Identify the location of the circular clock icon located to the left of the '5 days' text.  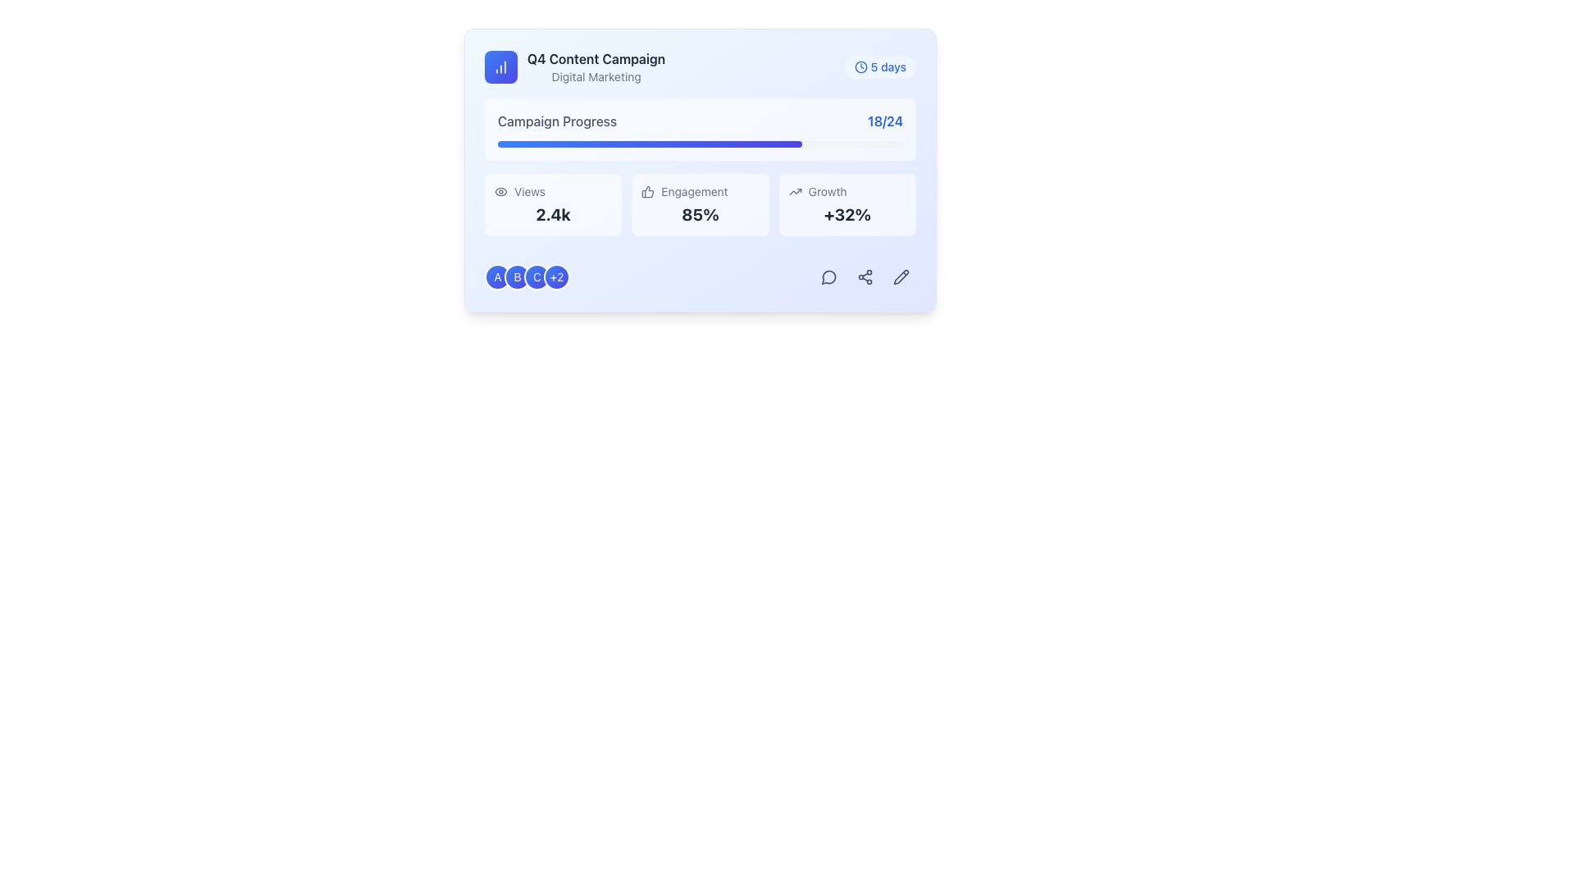
(860, 66).